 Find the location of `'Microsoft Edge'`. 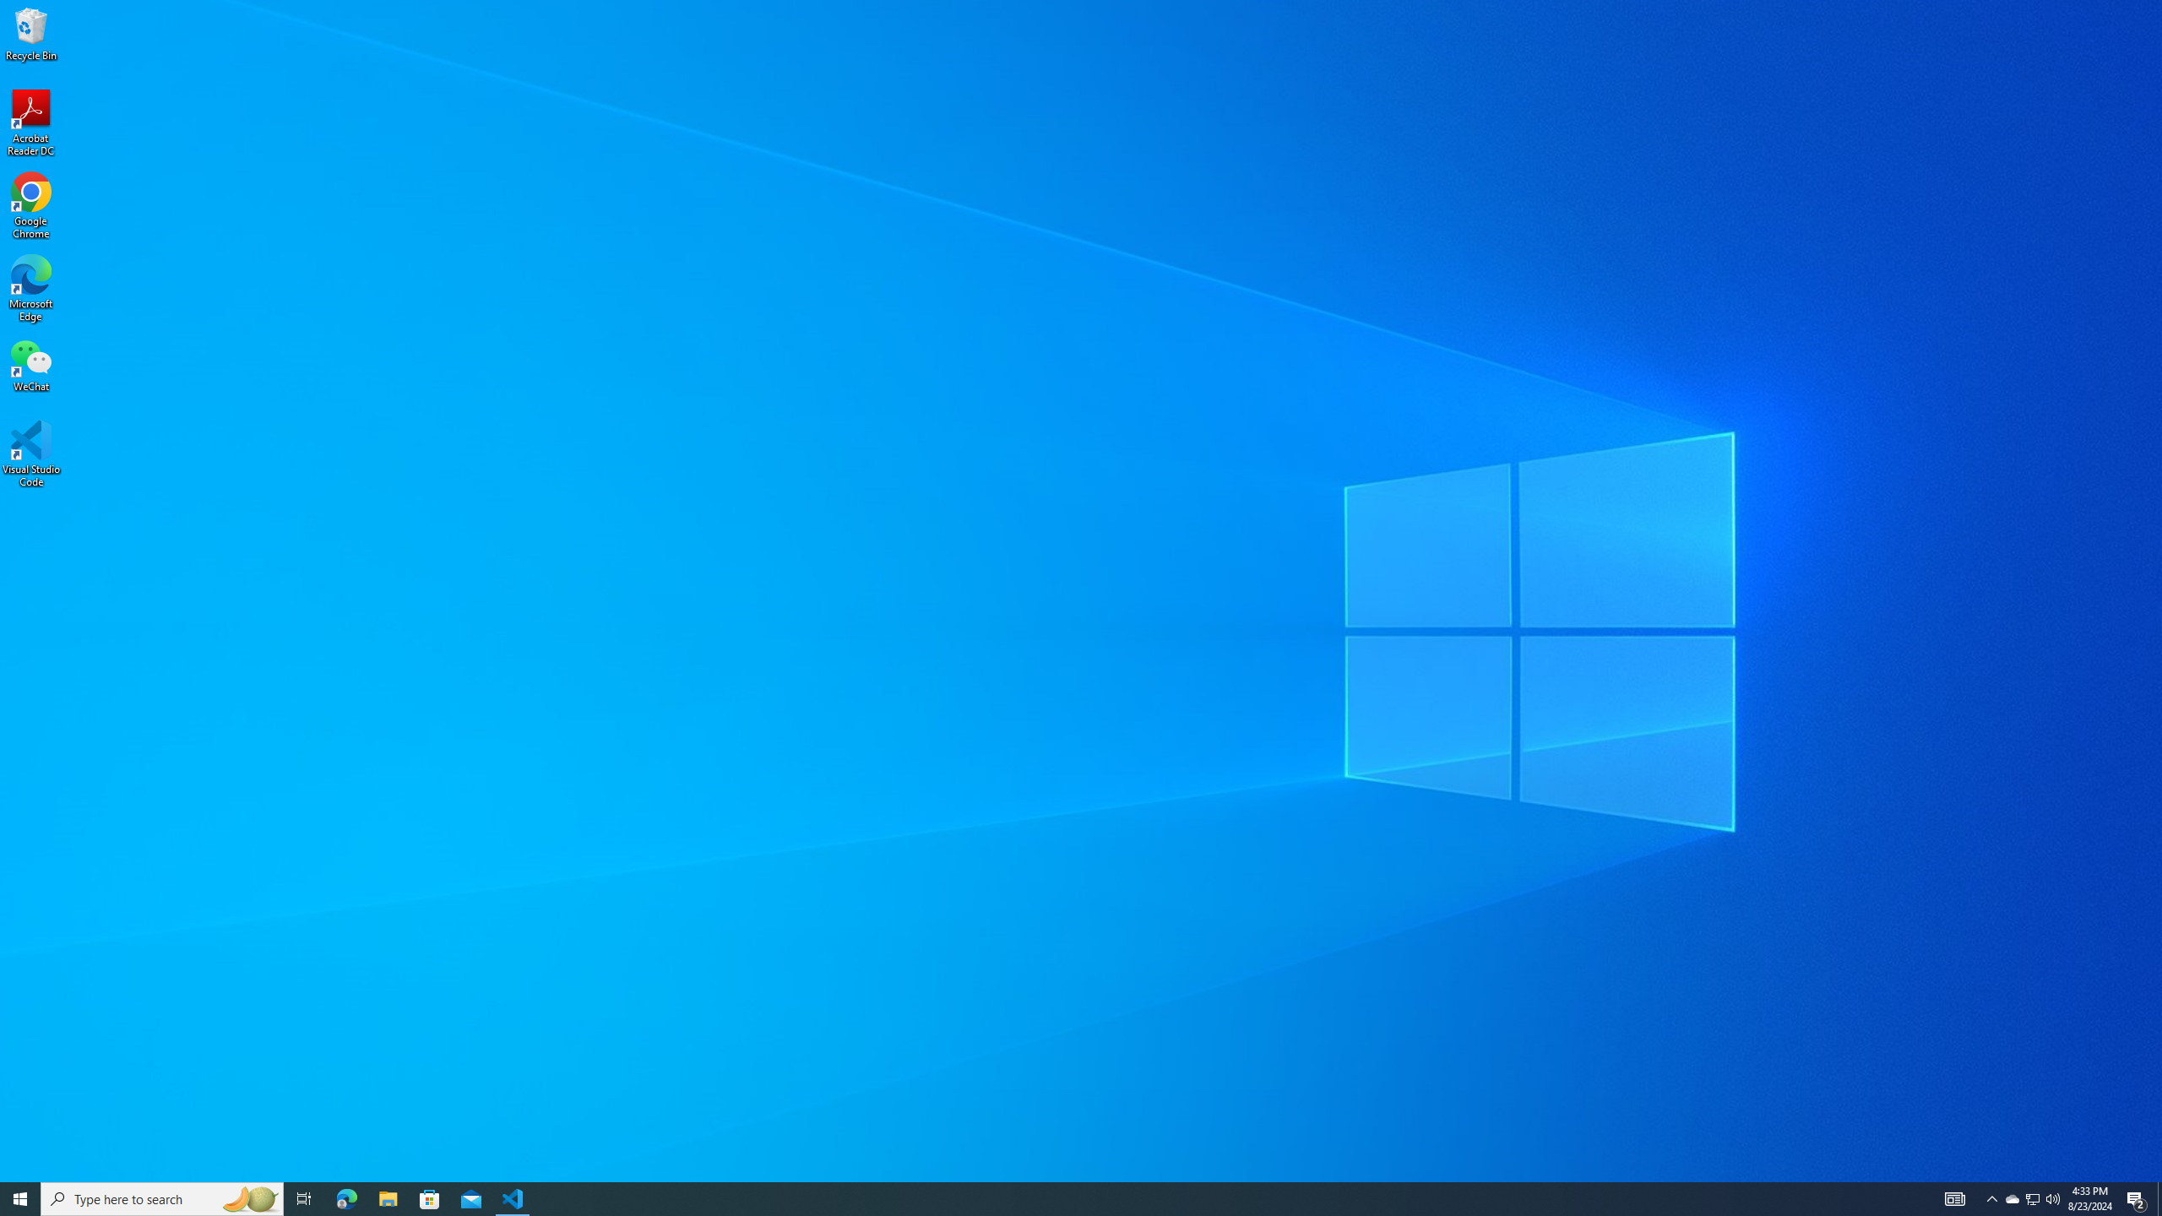

'Microsoft Edge' is located at coordinates (30, 288).